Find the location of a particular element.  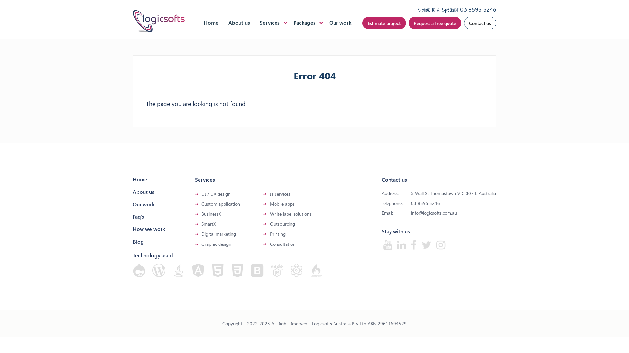

'Blog' is located at coordinates (138, 241).